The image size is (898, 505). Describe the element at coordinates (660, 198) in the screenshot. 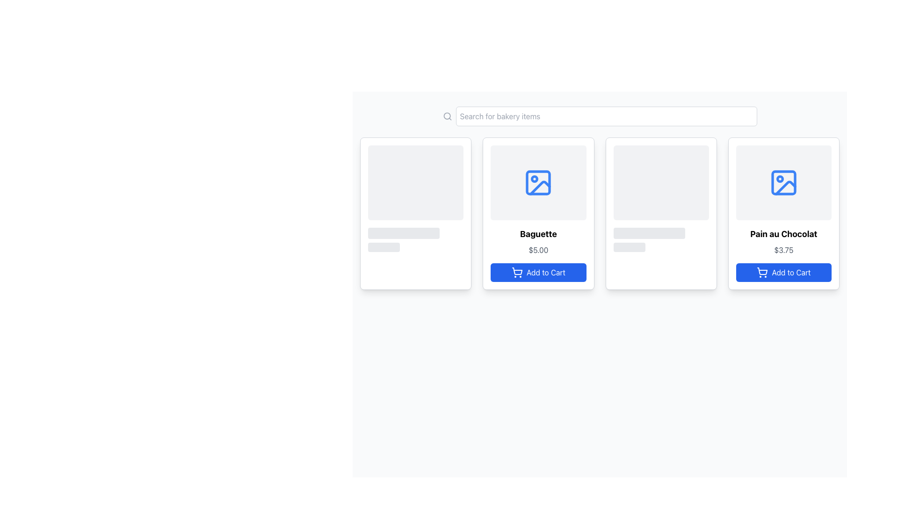

I see `the Card Placeholder element, which serves as a content loading visual and is positioned in a grid-like layout next to similar components` at that location.